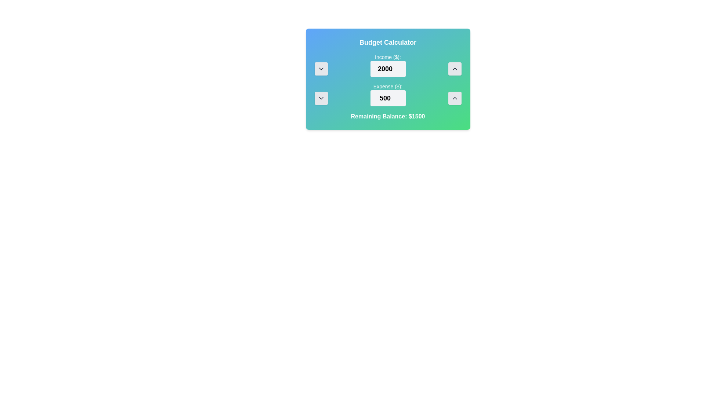 This screenshot has height=396, width=705. What do you see at coordinates (454, 98) in the screenshot?
I see `the small square button with a light gray background and a black upward-pointing chevron icon located at the bottom right of the 'Expense ($)' input field in the 'Budget Calculator' interface` at bounding box center [454, 98].